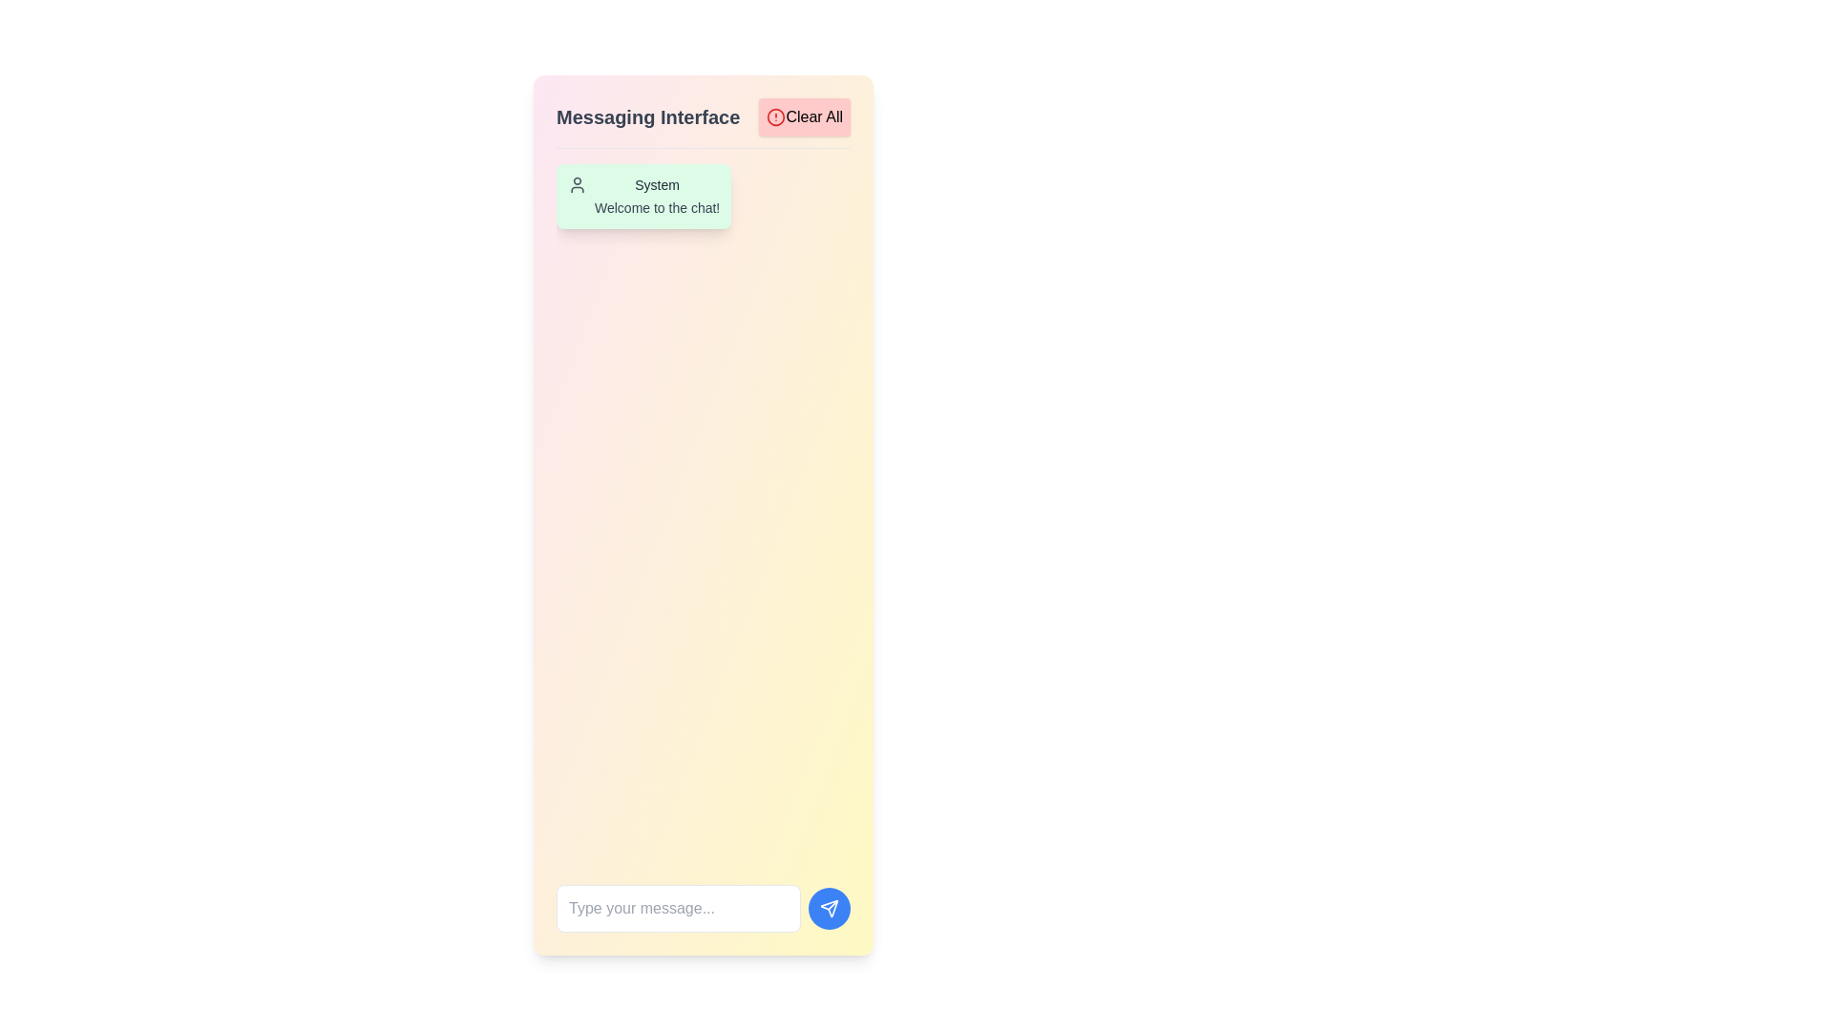 The width and height of the screenshot is (1833, 1031). I want to click on the informational text area that serves as a system message welcoming the user to the chat, positioned below the 'Messaging Interface' header and to the left side of the chat interface, so click(703, 196).